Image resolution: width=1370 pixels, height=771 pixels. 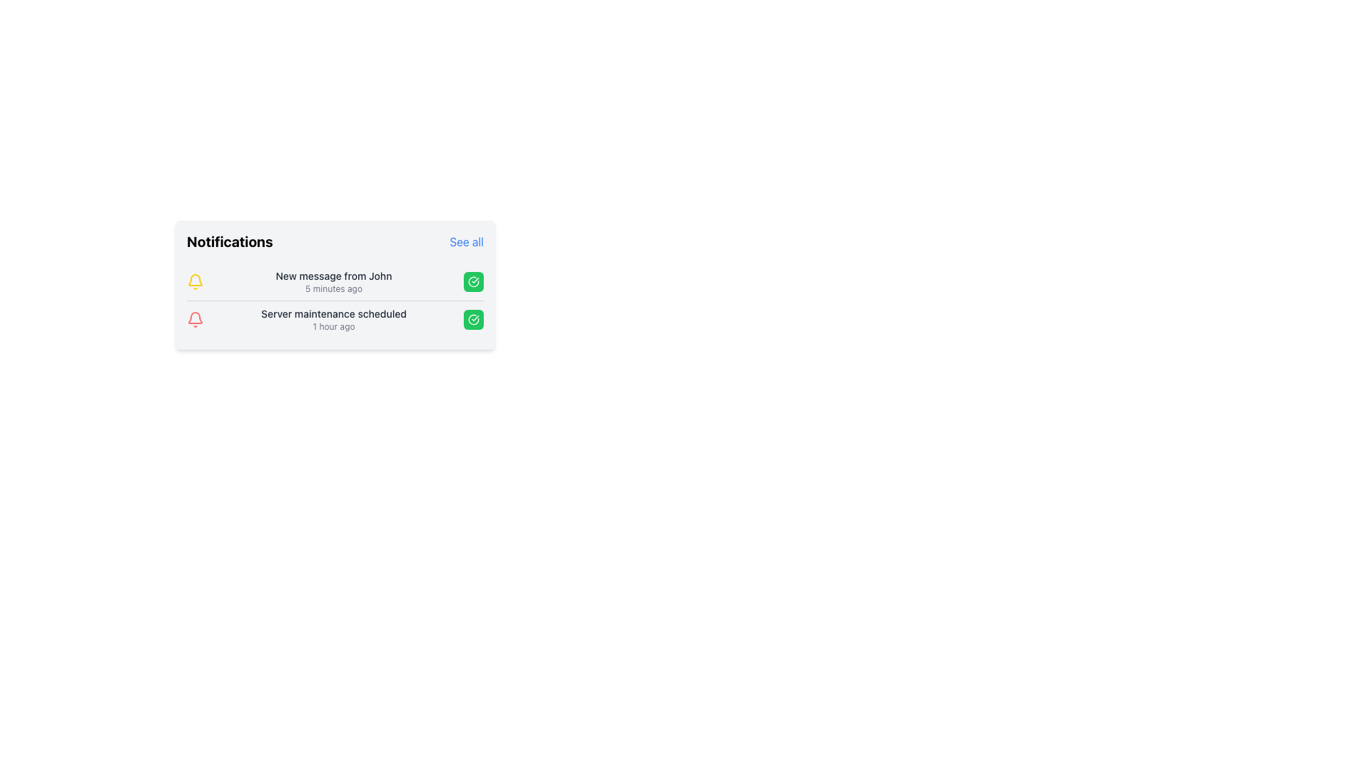 I want to click on the circular outline of the checkmark icon located on the top notification row, at the rightmost side, so click(x=473, y=318).